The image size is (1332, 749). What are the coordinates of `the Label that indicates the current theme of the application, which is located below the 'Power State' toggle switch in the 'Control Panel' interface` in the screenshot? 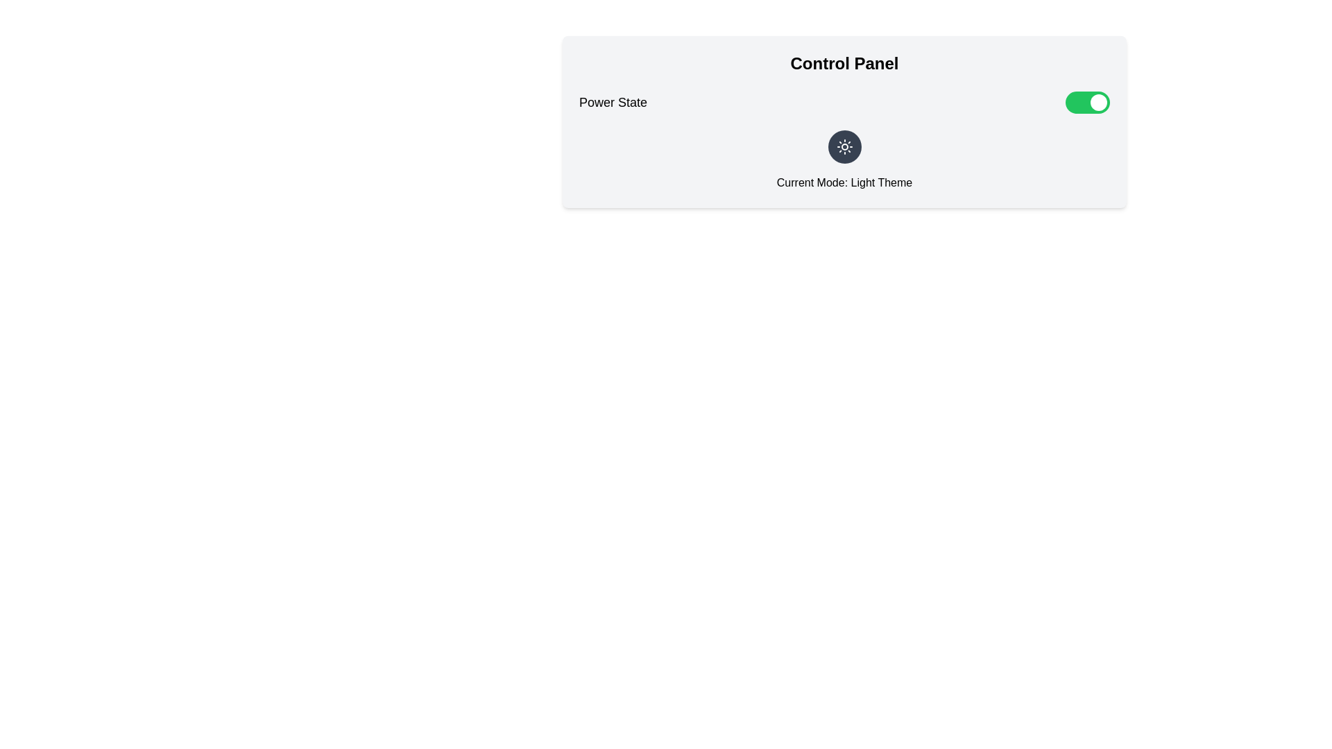 It's located at (844, 160).